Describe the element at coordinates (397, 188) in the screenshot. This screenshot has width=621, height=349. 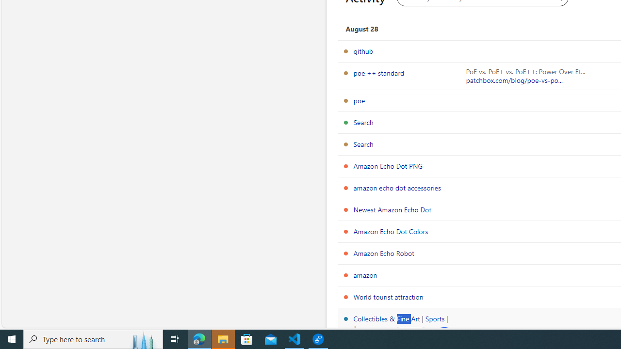
I see `'amazon echo dot accessories'` at that location.